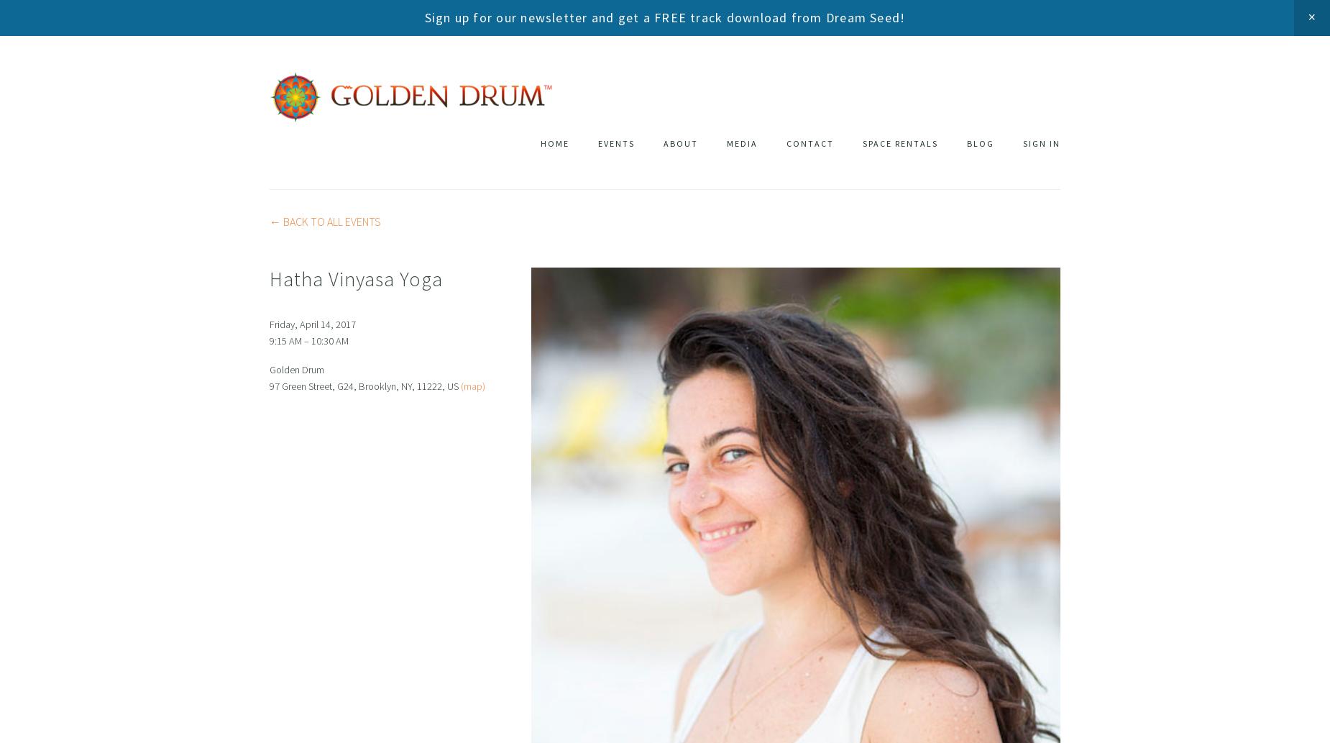  I want to click on '(map)', so click(461, 385).